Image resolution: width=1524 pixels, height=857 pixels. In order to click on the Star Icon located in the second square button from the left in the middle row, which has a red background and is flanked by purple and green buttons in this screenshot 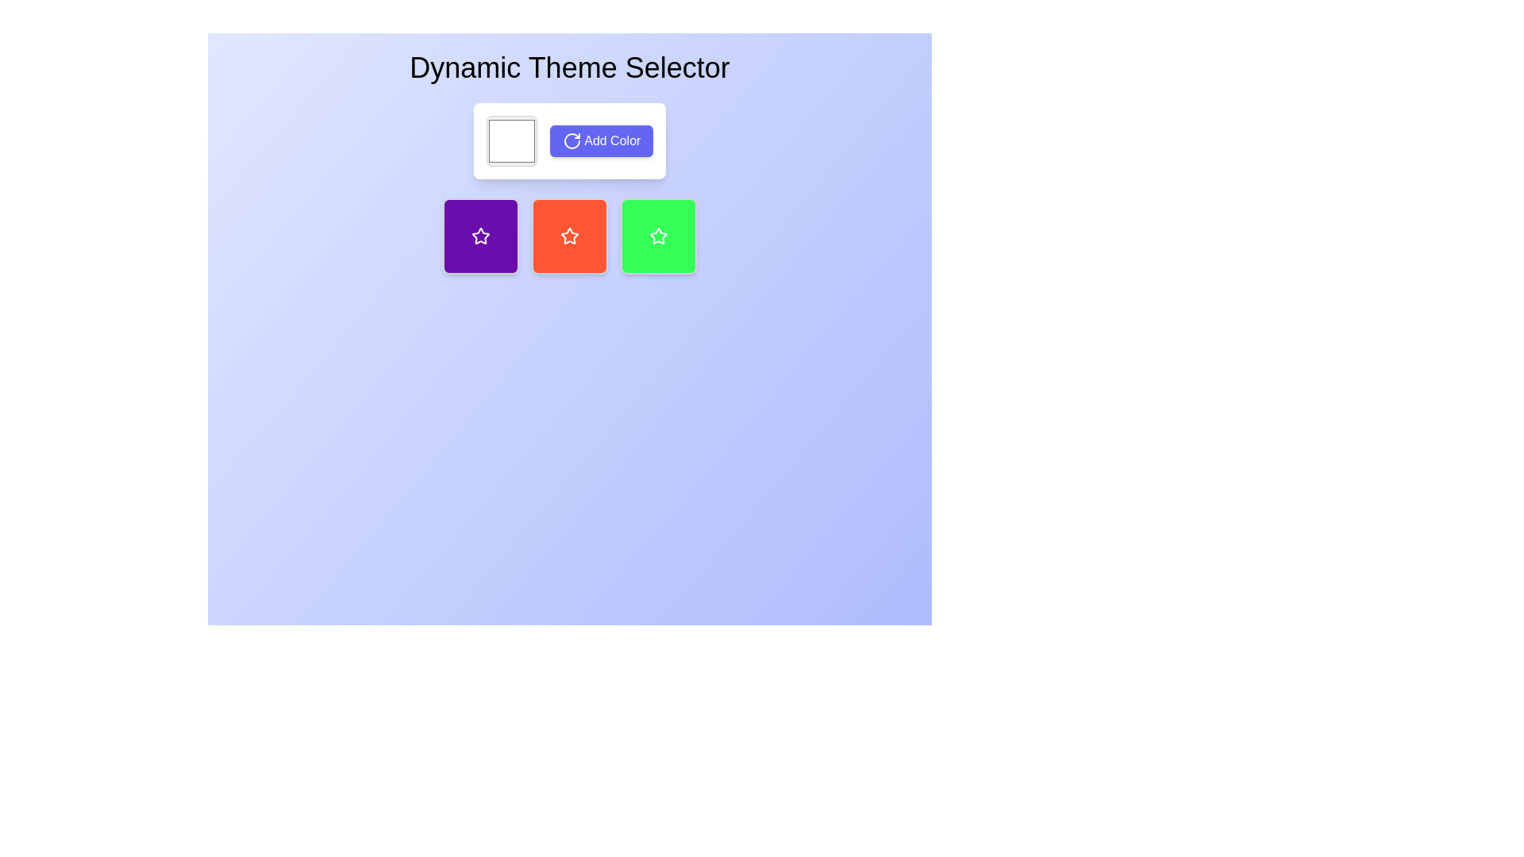, I will do `click(570, 236)`.